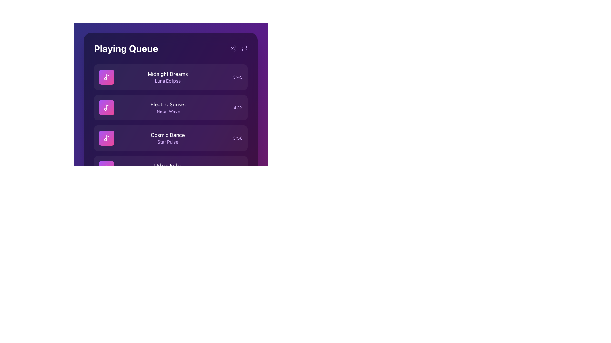 The height and width of the screenshot is (343, 611). I want to click on the text area displaying 'Cosmic Dance' and 'Star Pulse', which is the third element in a vertical list on a dark background, so click(168, 138).